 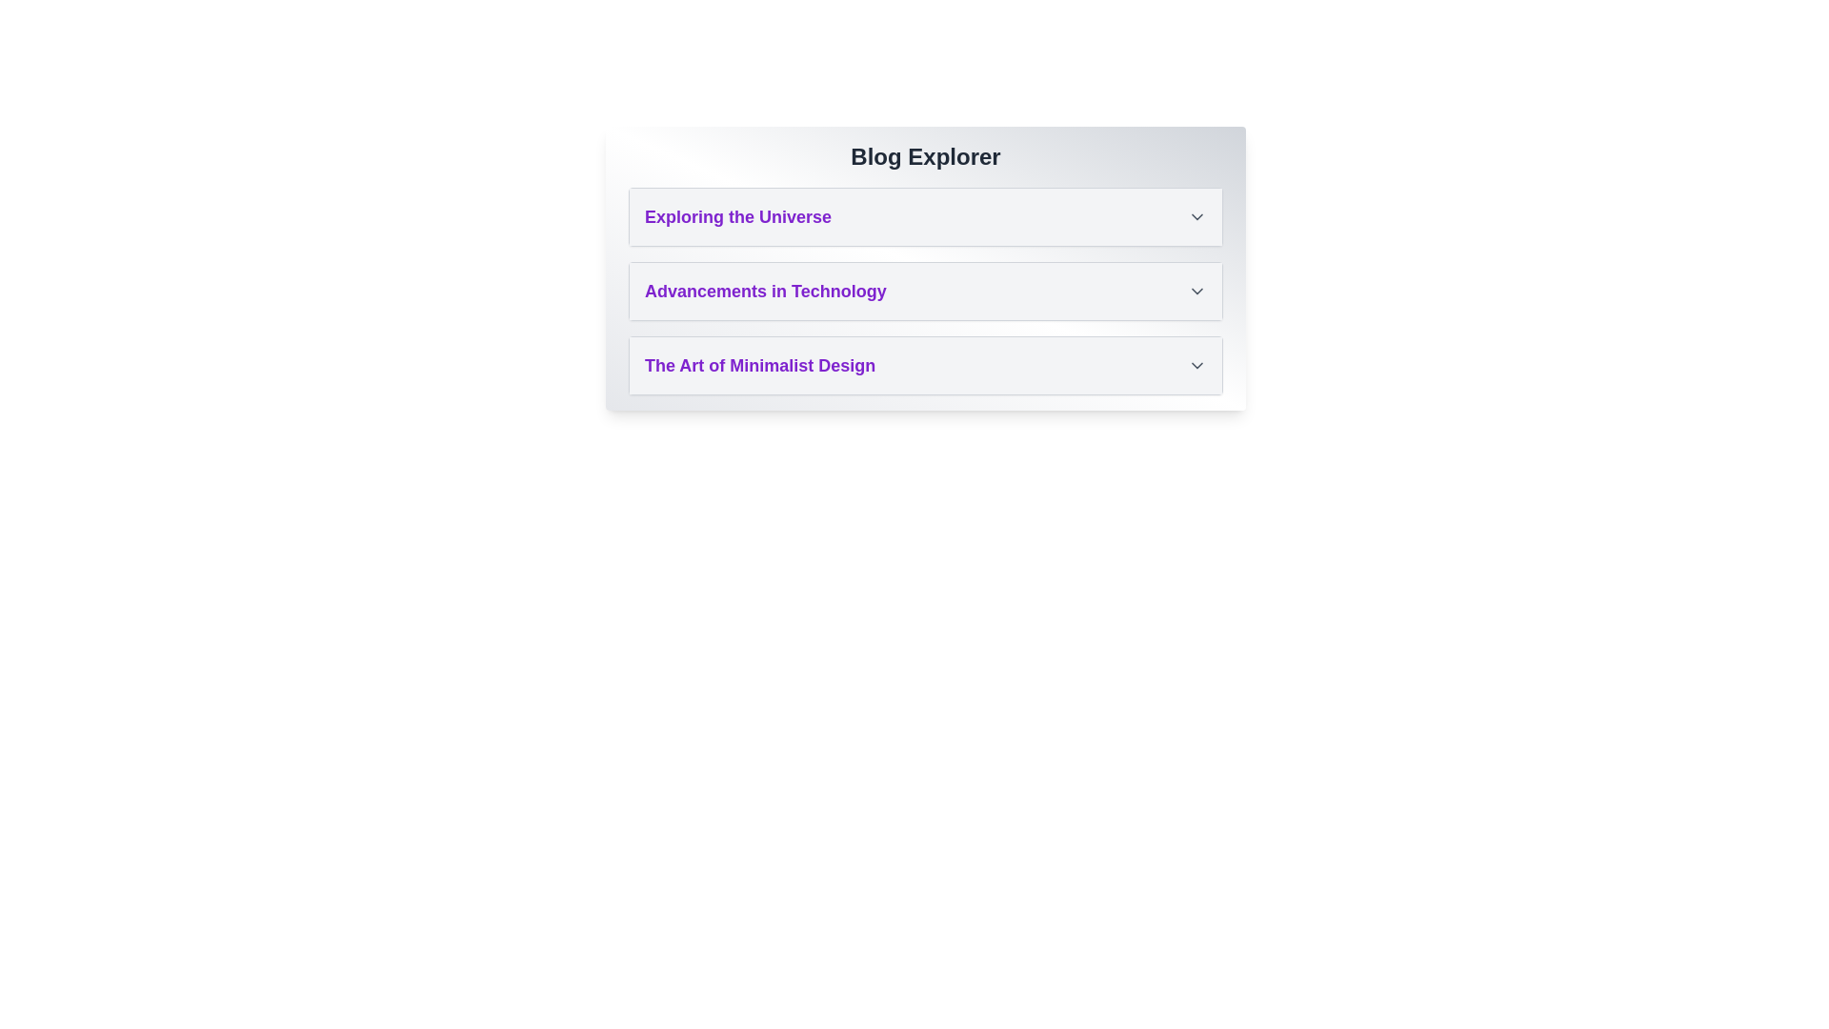 I want to click on the gray downward-facing chevron icon button located at the far-right side of the 'Exploring the Universe' section, so click(x=1196, y=215).